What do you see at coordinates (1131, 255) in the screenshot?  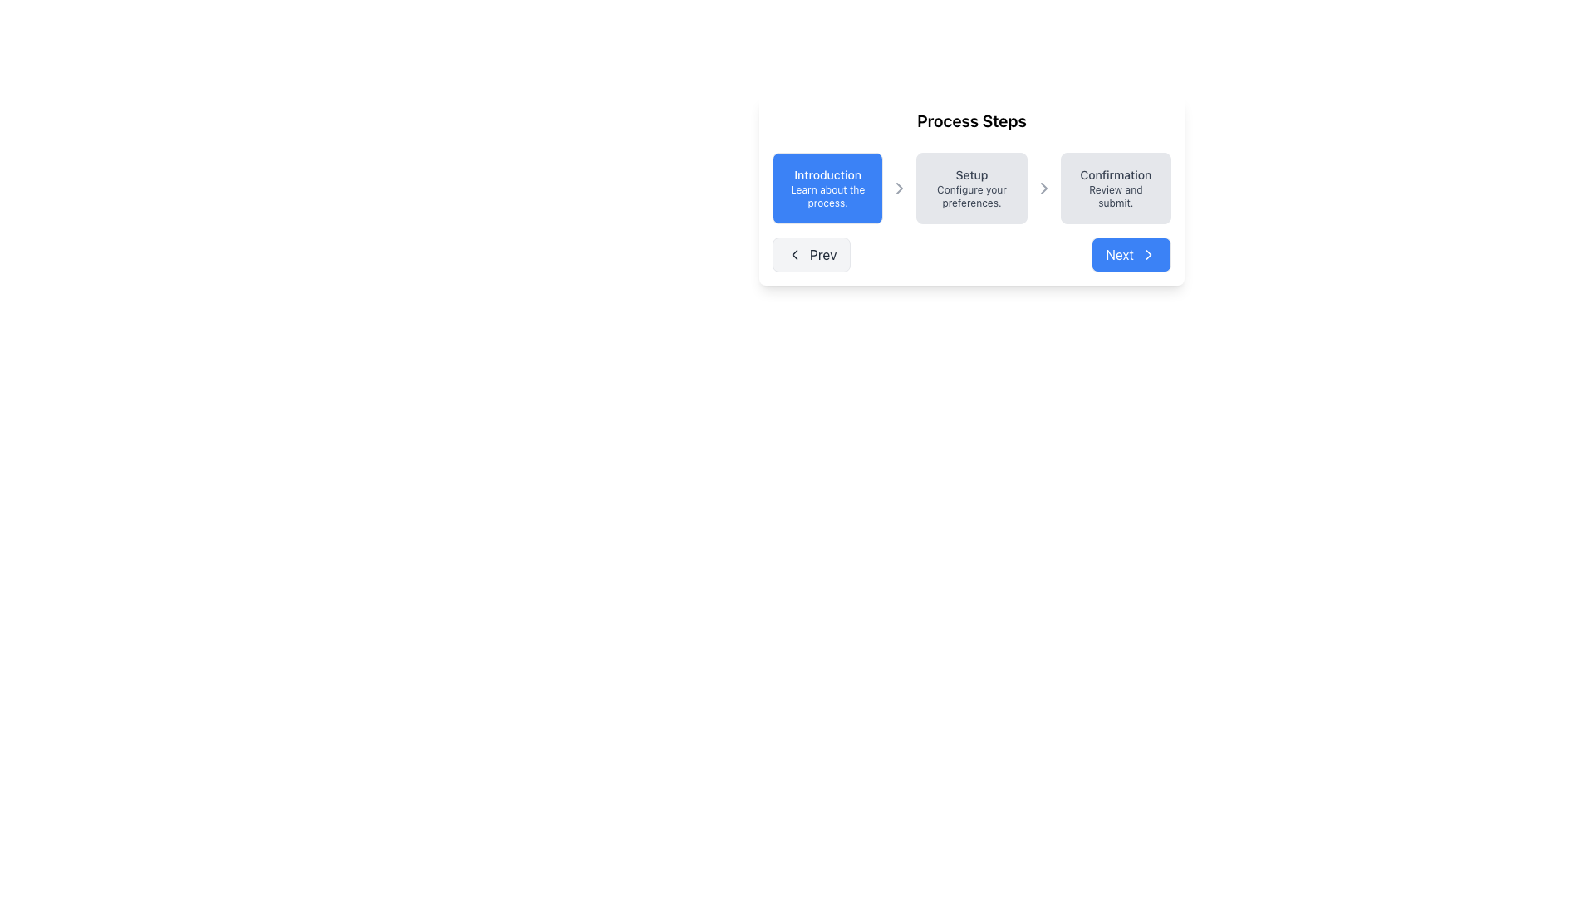 I see `the rectangular button with a blue background and white text 'Next'` at bounding box center [1131, 255].